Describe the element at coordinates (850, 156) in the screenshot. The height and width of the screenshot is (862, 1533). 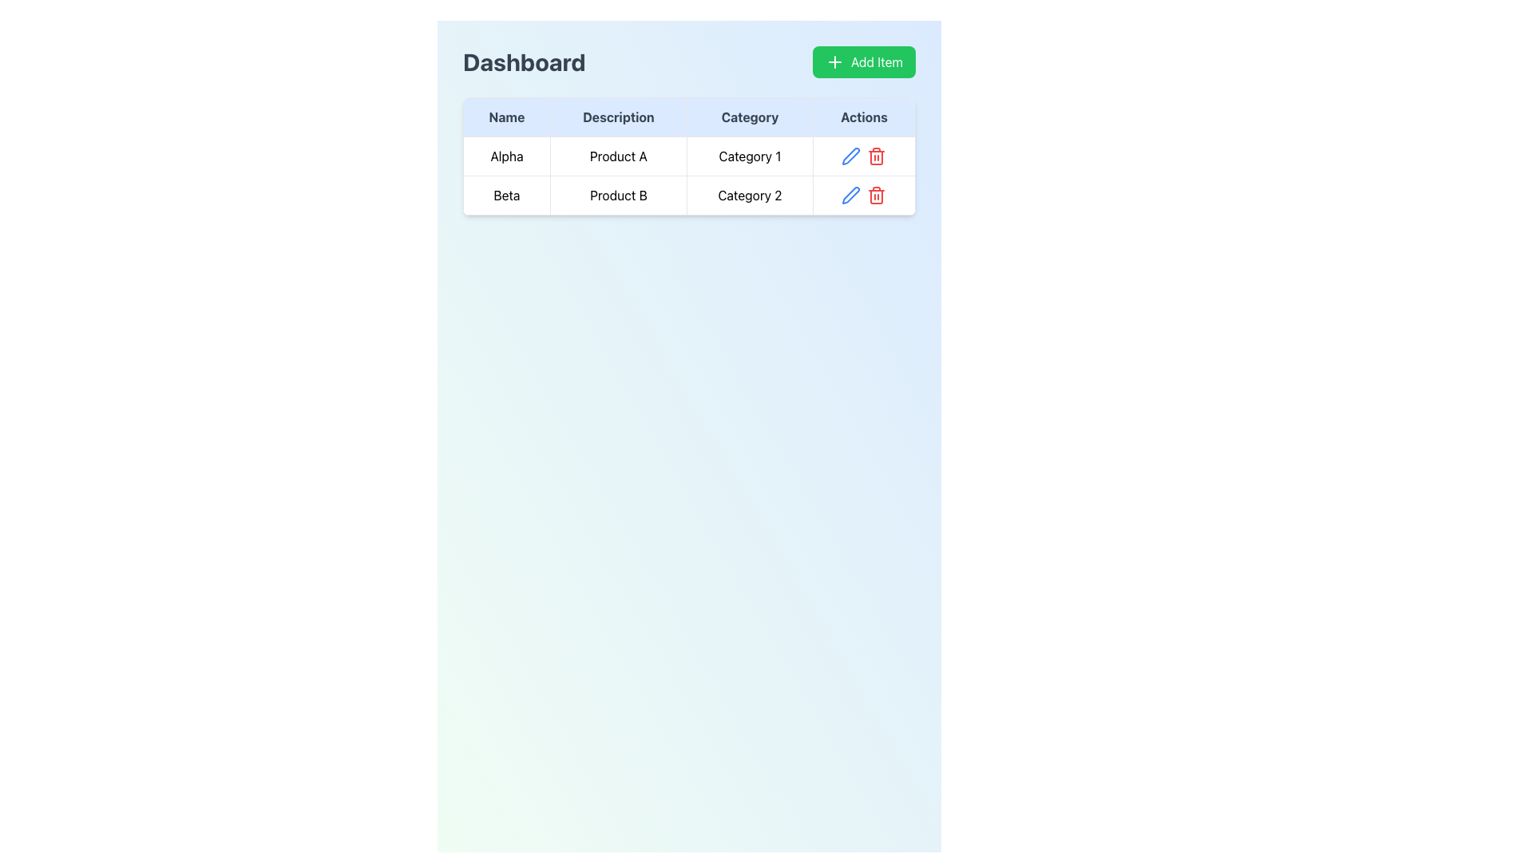
I see `the blue pencil icon in the 'Actions' column of the second row` at that location.